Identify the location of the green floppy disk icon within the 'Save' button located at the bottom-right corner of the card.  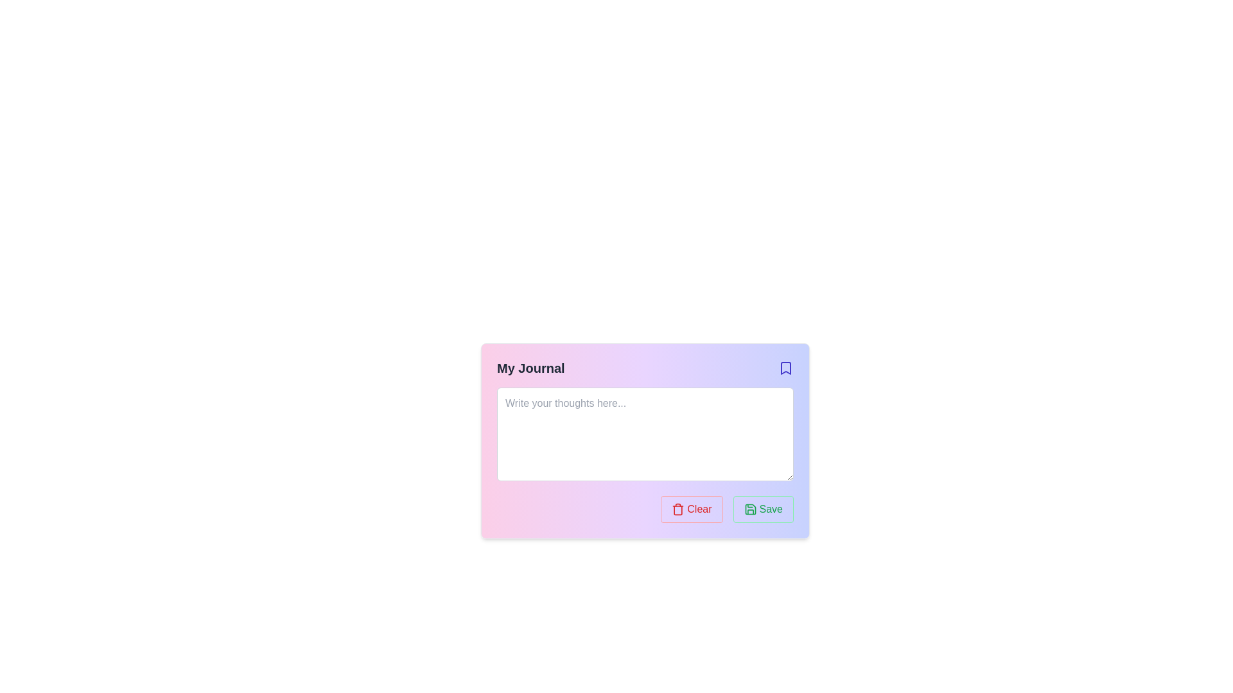
(750, 509).